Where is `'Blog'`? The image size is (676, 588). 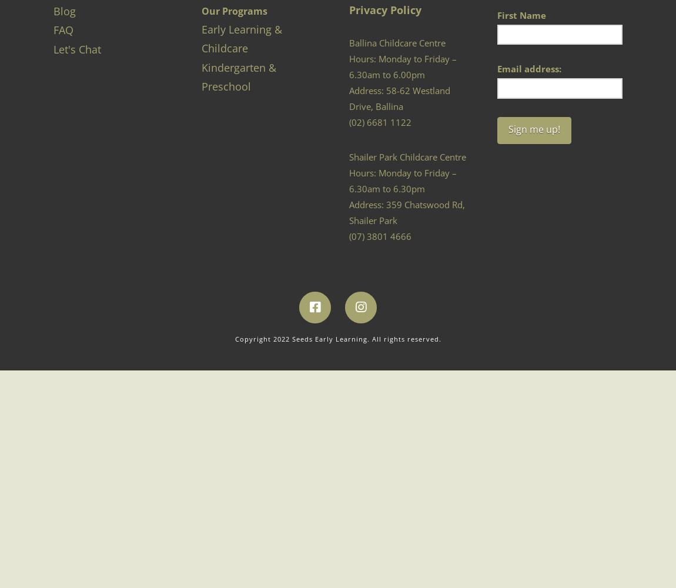
'Blog' is located at coordinates (64, 11).